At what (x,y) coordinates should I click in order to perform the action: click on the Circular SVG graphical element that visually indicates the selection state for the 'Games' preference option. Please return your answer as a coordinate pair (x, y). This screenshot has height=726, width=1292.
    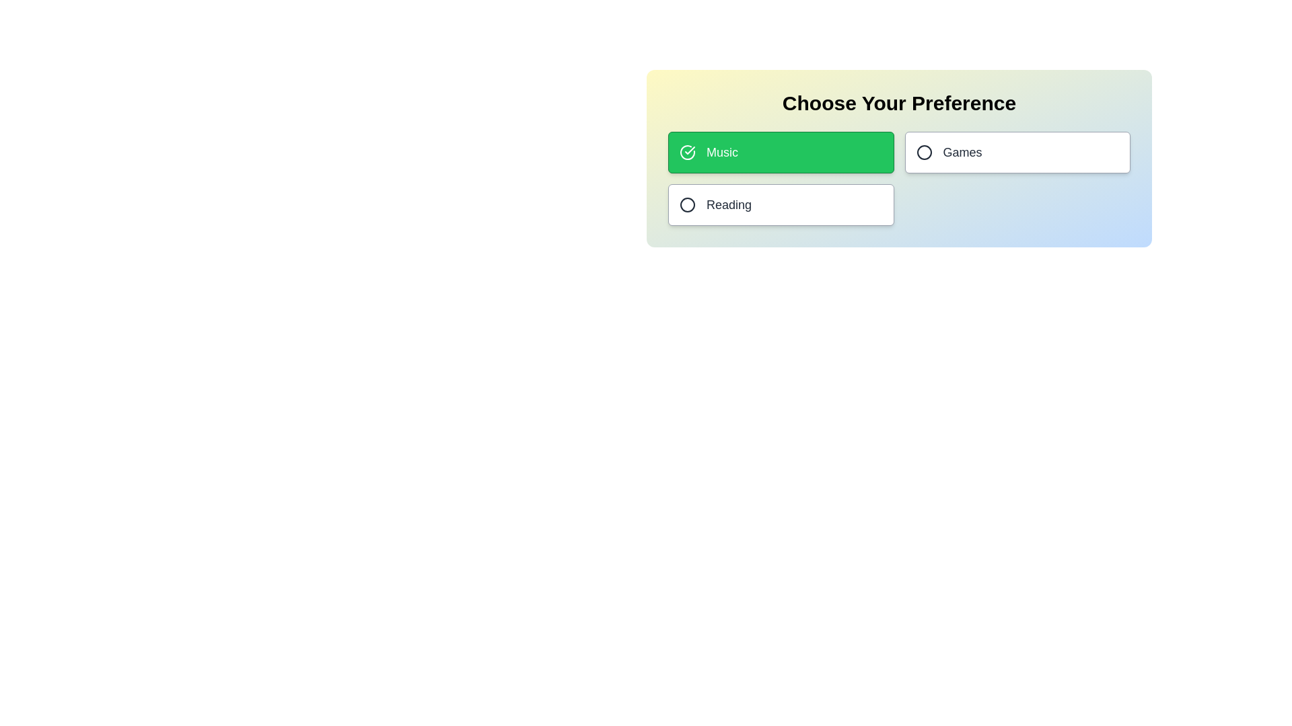
    Looking at the image, I should click on (923, 152).